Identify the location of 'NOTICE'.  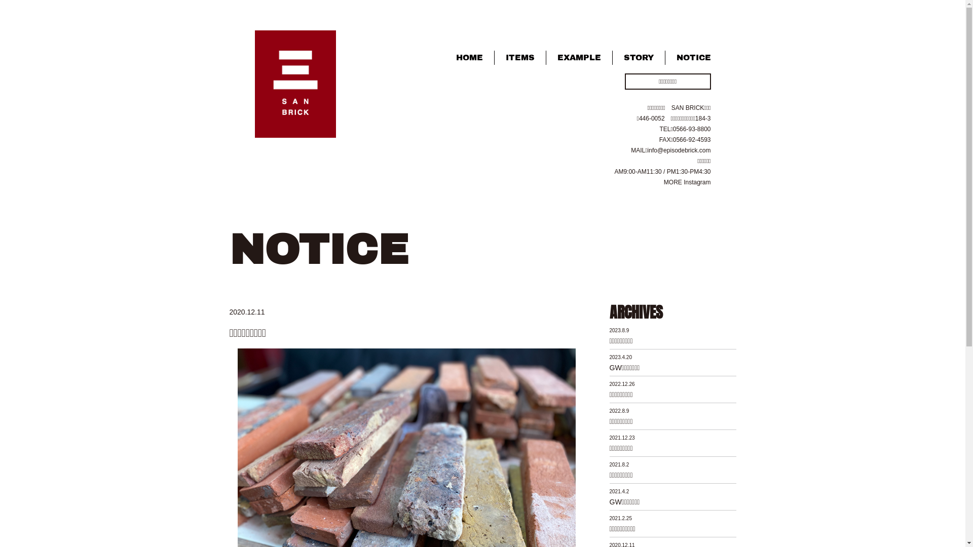
(688, 57).